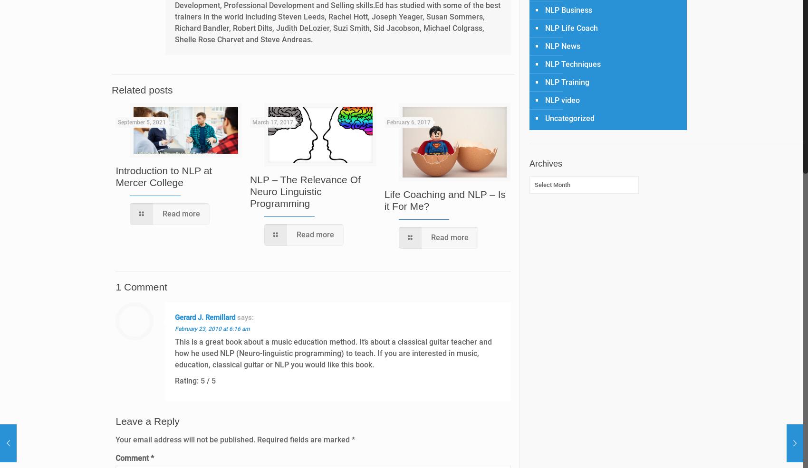  Describe the element at coordinates (568, 9) in the screenshot. I see `'NLP Business'` at that location.